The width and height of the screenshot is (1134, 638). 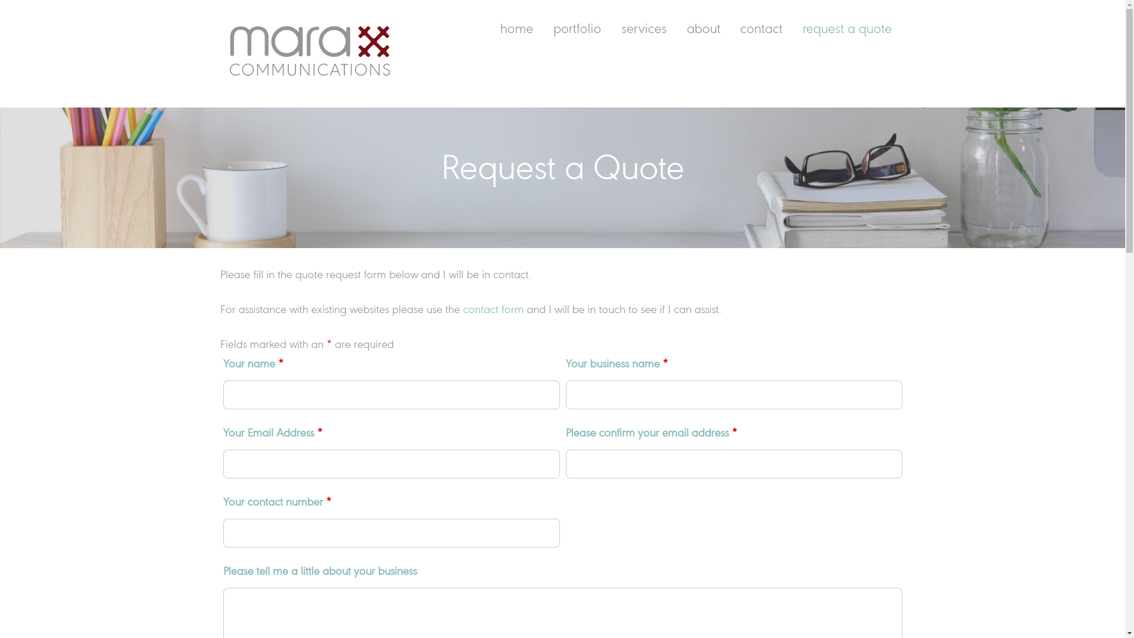 I want to click on 'services', so click(x=643, y=29).